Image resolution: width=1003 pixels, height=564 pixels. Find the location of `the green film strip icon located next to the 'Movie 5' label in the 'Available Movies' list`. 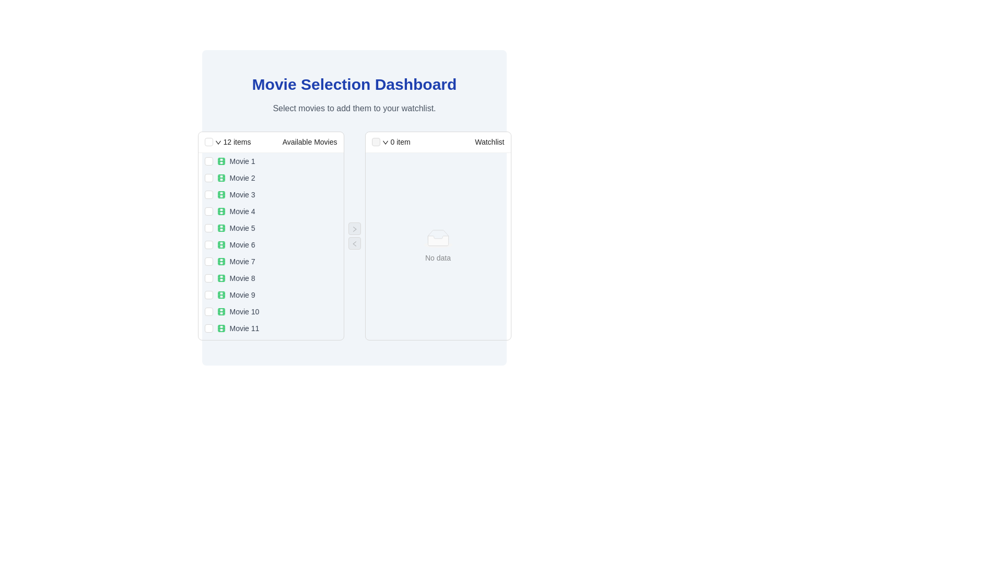

the green film strip icon located next to the 'Movie 5' label in the 'Available Movies' list is located at coordinates (220, 227).